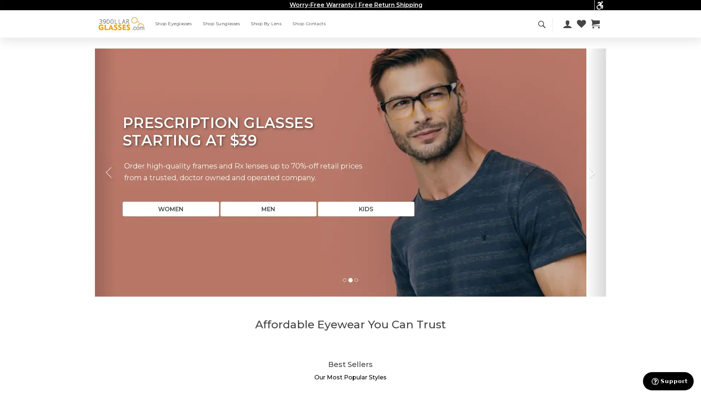  What do you see at coordinates (596, 173) in the screenshot?
I see `Next` at bounding box center [596, 173].